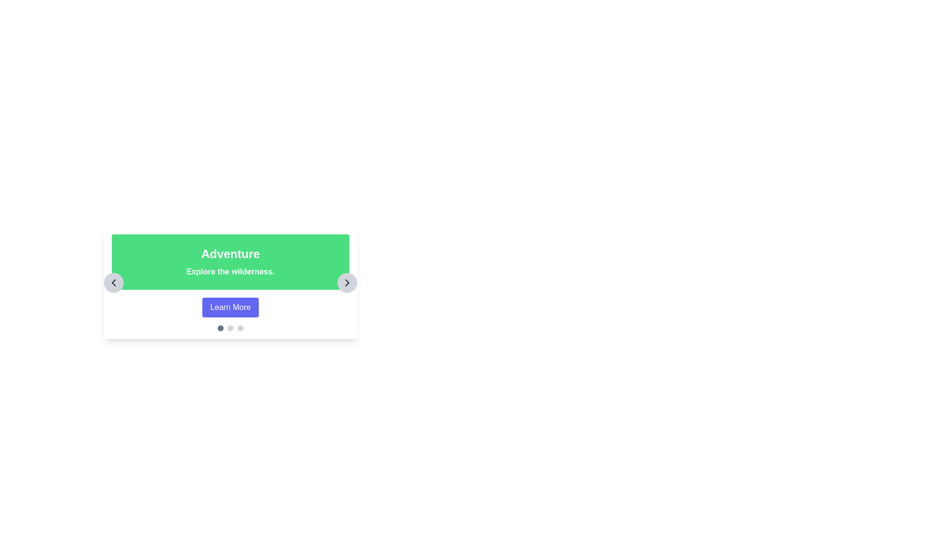  Describe the element at coordinates (230, 328) in the screenshot. I see `the second dot indicator in the carousel` at that location.